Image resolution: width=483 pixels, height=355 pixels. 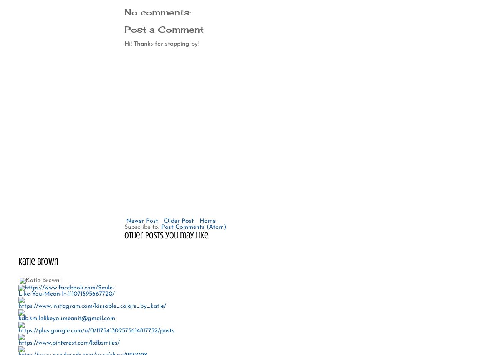 What do you see at coordinates (193, 226) in the screenshot?
I see `'Post Comments (Atom)'` at bounding box center [193, 226].